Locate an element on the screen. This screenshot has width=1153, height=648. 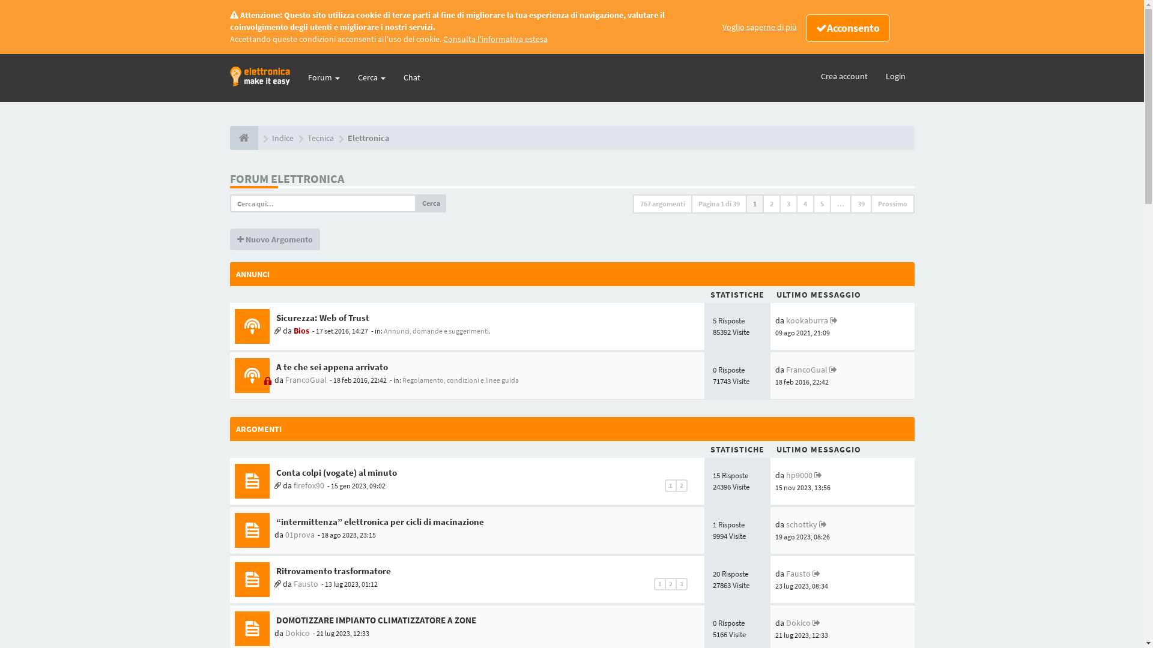
'Login' is located at coordinates (895, 76).